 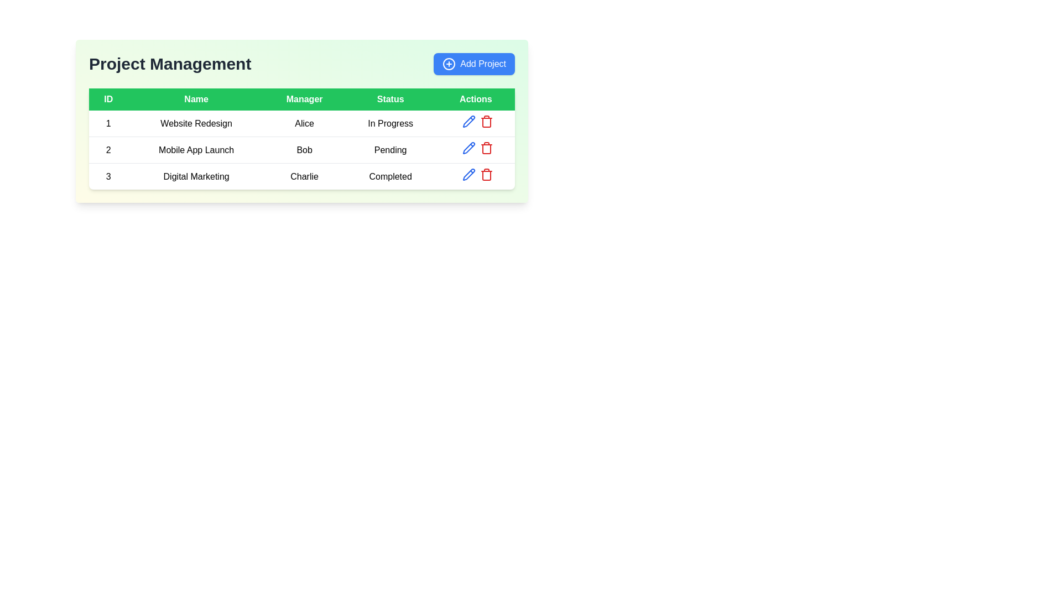 What do you see at coordinates (302, 123) in the screenshot?
I see `the first row of the project management table` at bounding box center [302, 123].